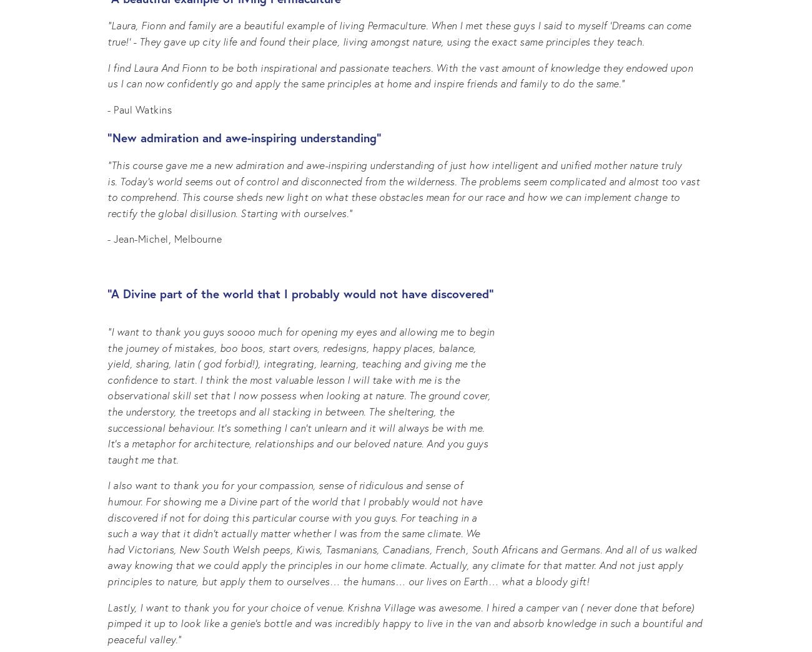 This screenshot has width=812, height=652. I want to click on '“Laura, Fionn and family are a beautiful example of living Permaculture. When I met these guys I said to myself 'Dreams can come true!' - They gave up city life and found their place, living amongst nature, using the exact same principles they teach.', so click(107, 32).